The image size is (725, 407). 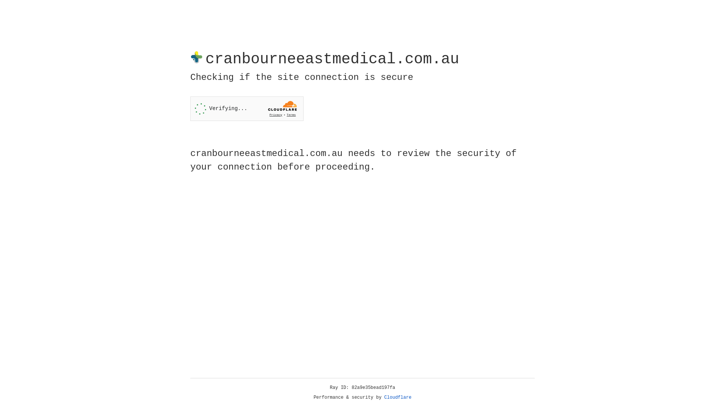 I want to click on 'Cloudflare', so click(x=398, y=397).